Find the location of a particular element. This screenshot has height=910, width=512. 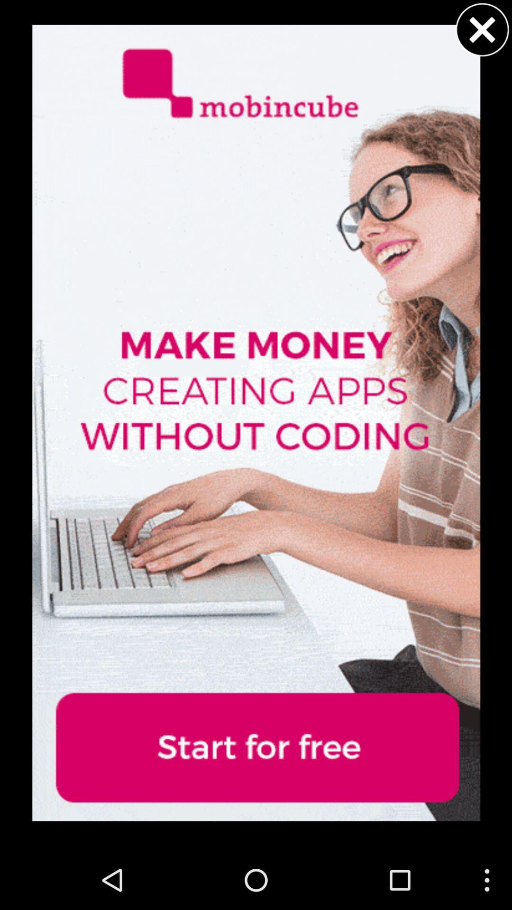

dialogue box is located at coordinates (482, 29).